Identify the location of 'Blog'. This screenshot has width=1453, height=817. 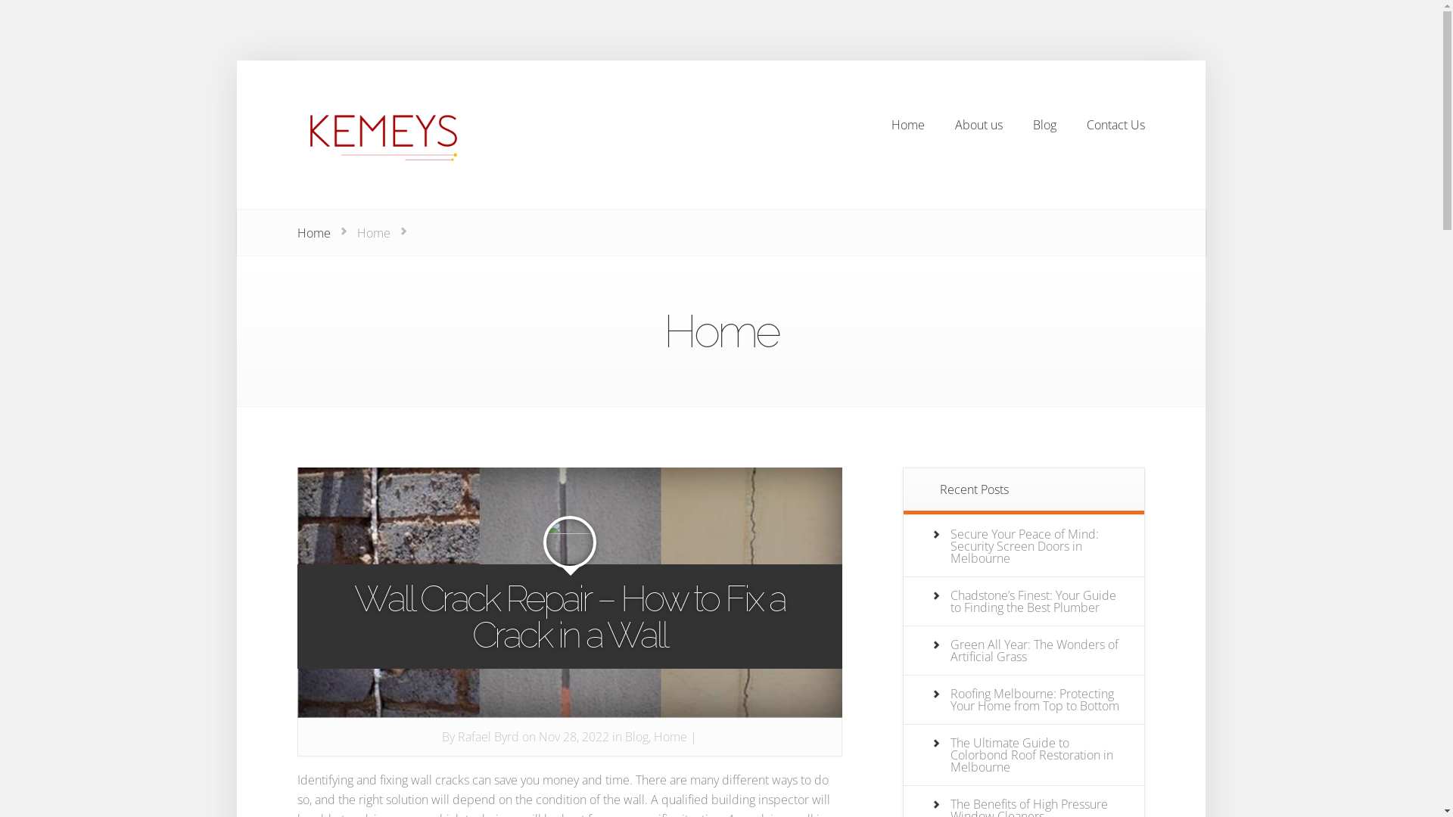
(636, 736).